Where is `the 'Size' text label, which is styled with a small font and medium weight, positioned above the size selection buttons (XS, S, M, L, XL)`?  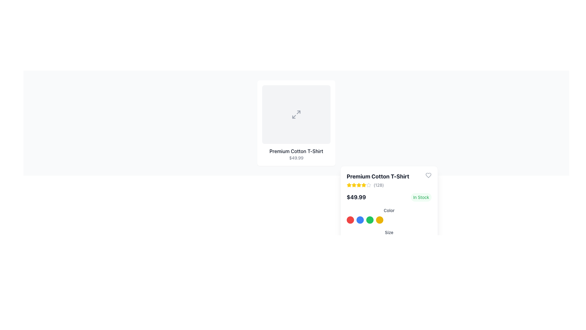 the 'Size' text label, which is styled with a small font and medium weight, positioned above the size selection buttons (XS, S, M, L, XL) is located at coordinates (389, 232).